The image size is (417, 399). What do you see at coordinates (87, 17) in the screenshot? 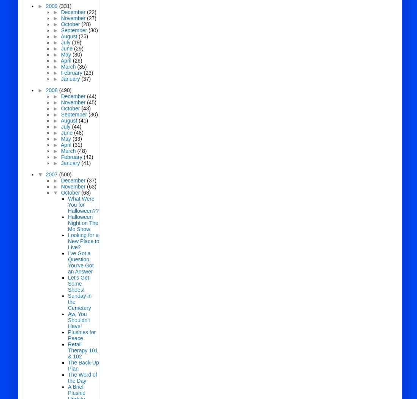
I see `'(27)'` at bounding box center [87, 17].